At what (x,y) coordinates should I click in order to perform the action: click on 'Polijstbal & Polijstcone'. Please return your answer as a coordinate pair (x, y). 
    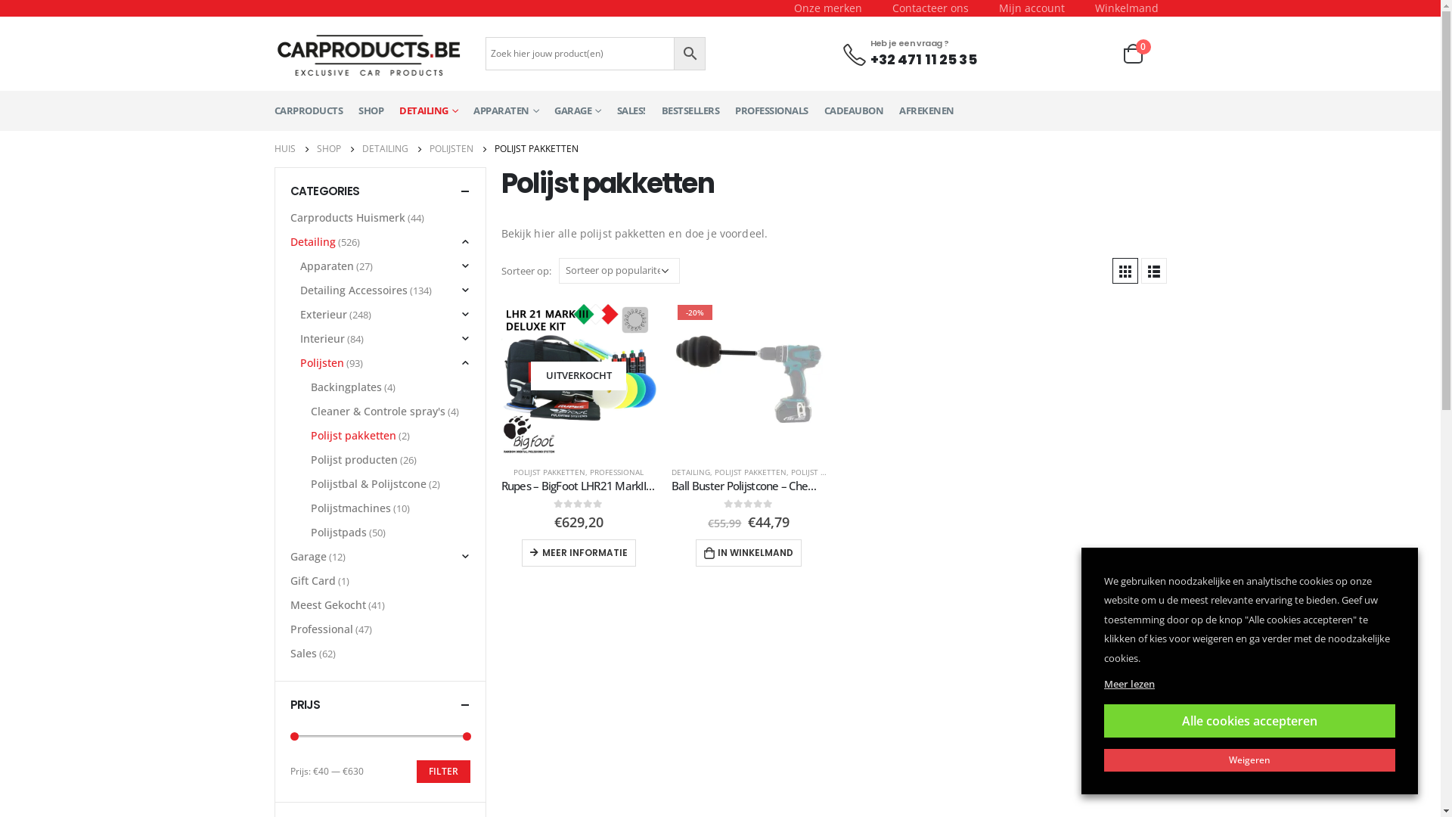
    Looking at the image, I should click on (368, 484).